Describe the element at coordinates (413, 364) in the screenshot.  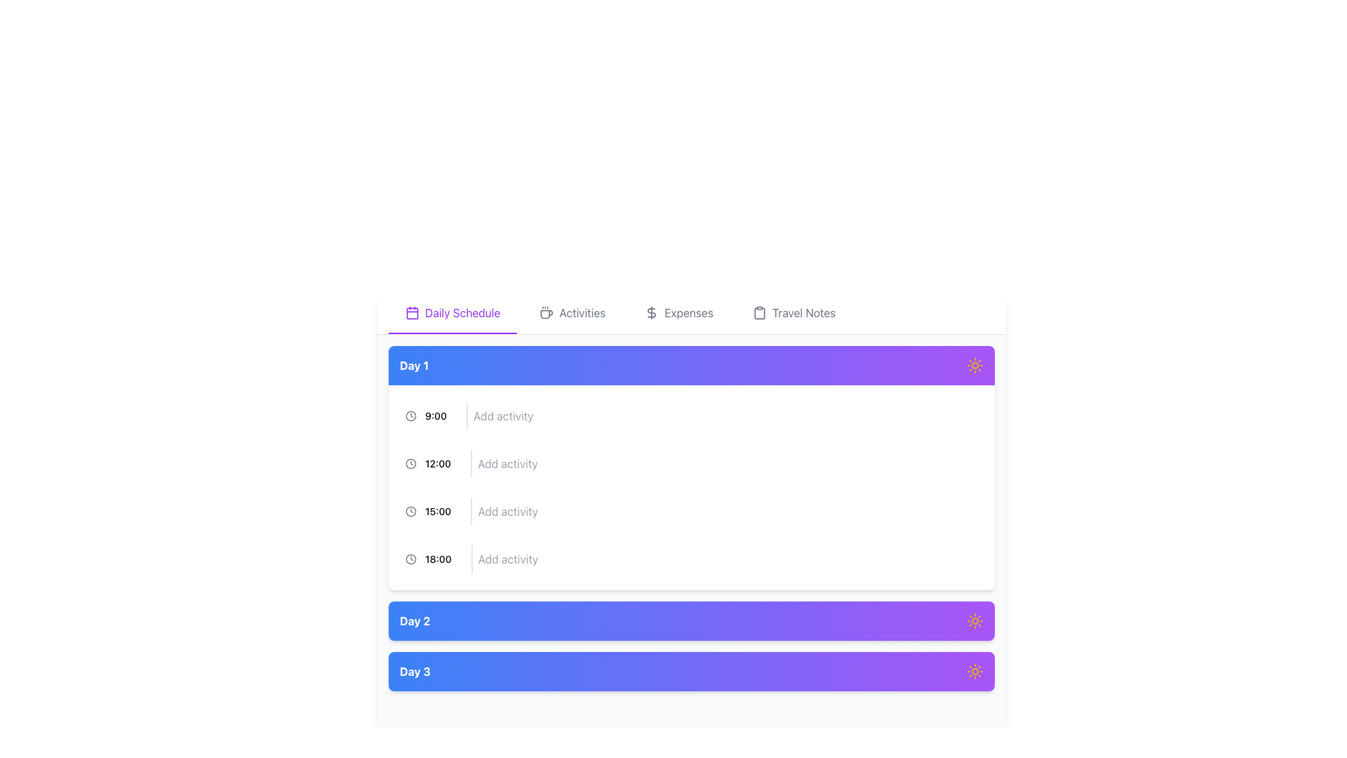
I see `the Text label that indicates the specific day of the schedule, positioned at the top-left of the blue gradient header, before the sun icon` at that location.